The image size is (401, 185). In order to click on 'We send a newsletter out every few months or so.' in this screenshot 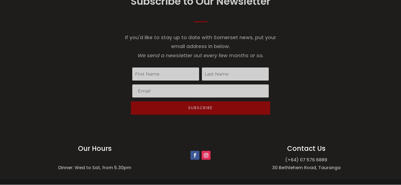, I will do `click(200, 55)`.